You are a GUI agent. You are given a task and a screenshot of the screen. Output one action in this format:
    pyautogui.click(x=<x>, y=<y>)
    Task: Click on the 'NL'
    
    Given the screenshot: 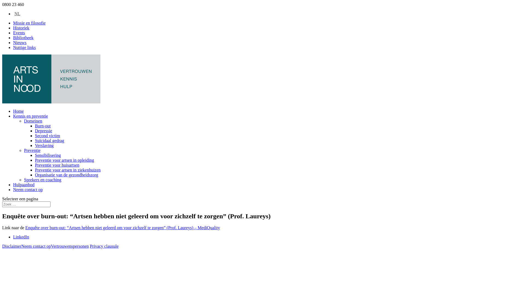 What is the action you would take?
    pyautogui.click(x=17, y=13)
    